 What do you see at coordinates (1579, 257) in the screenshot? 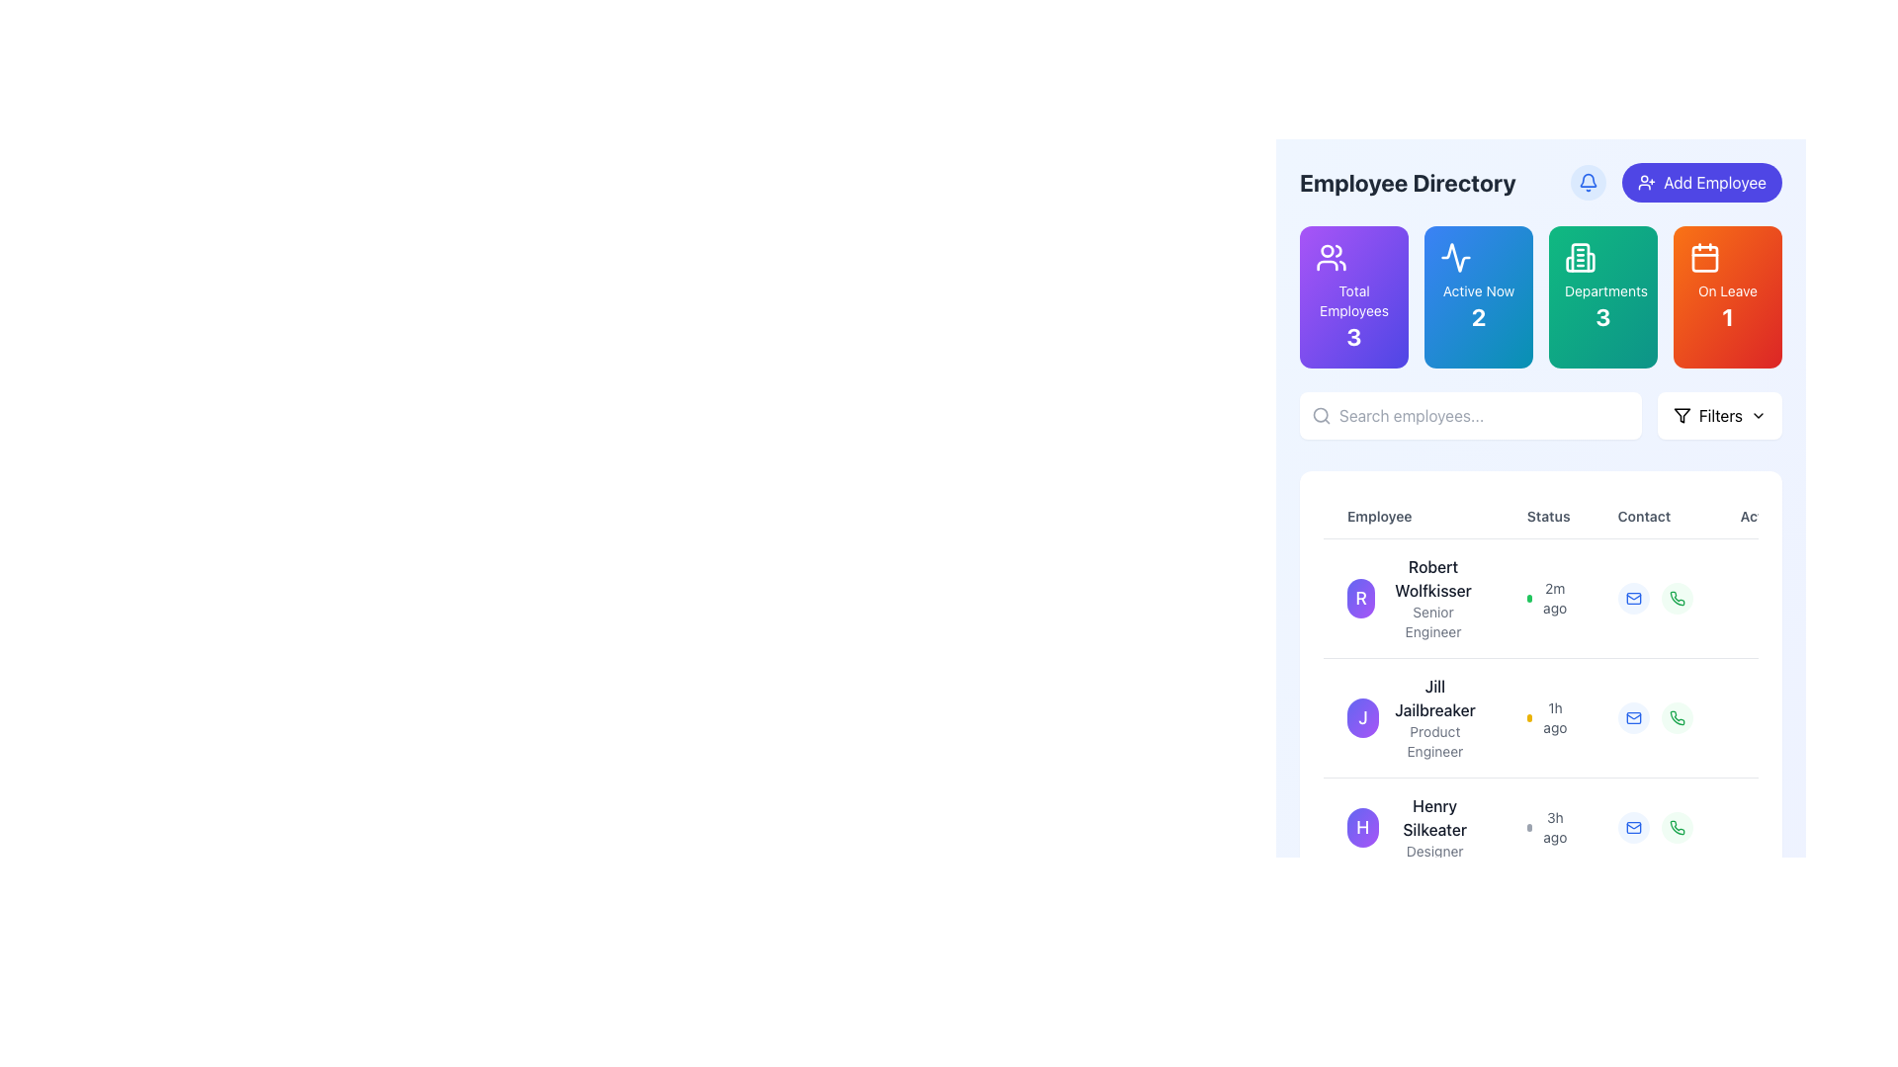
I see `the Decorative icon, which is a rectangular icon resembling a building or columns with rounded edges and a greenish background, located within the 'Departments' statistic box at the top of the application interface` at bounding box center [1579, 257].